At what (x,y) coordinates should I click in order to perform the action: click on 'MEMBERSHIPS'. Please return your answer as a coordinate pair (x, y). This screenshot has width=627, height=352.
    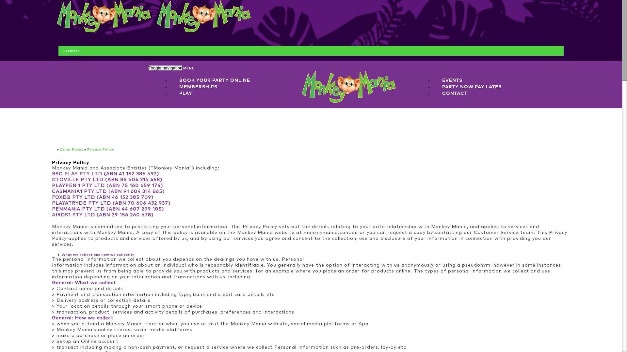
    Looking at the image, I should click on (198, 86).